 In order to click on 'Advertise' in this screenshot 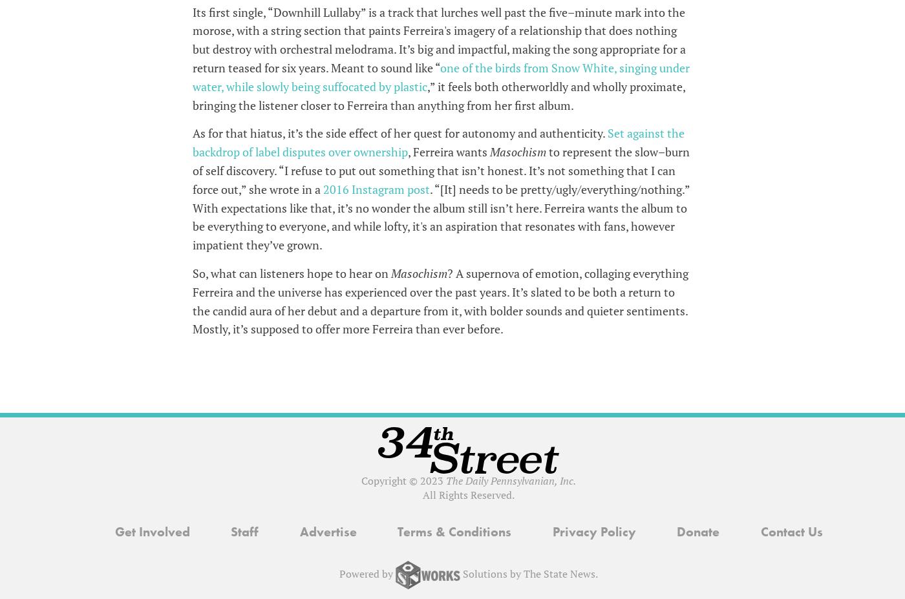, I will do `click(327, 531)`.